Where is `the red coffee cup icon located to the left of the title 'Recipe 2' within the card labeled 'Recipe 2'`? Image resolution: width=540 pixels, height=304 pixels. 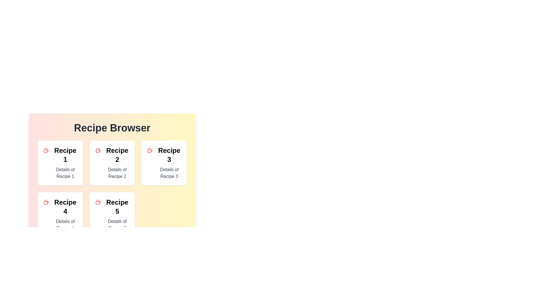 the red coffee cup icon located to the left of the title 'Recipe 2' within the card labeled 'Recipe 2' is located at coordinates (98, 150).